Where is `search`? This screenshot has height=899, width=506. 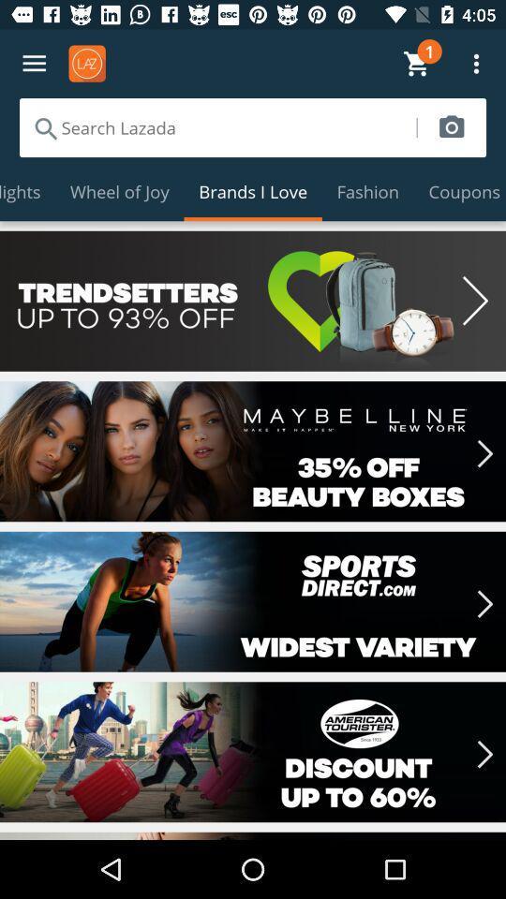 search is located at coordinates (216, 126).